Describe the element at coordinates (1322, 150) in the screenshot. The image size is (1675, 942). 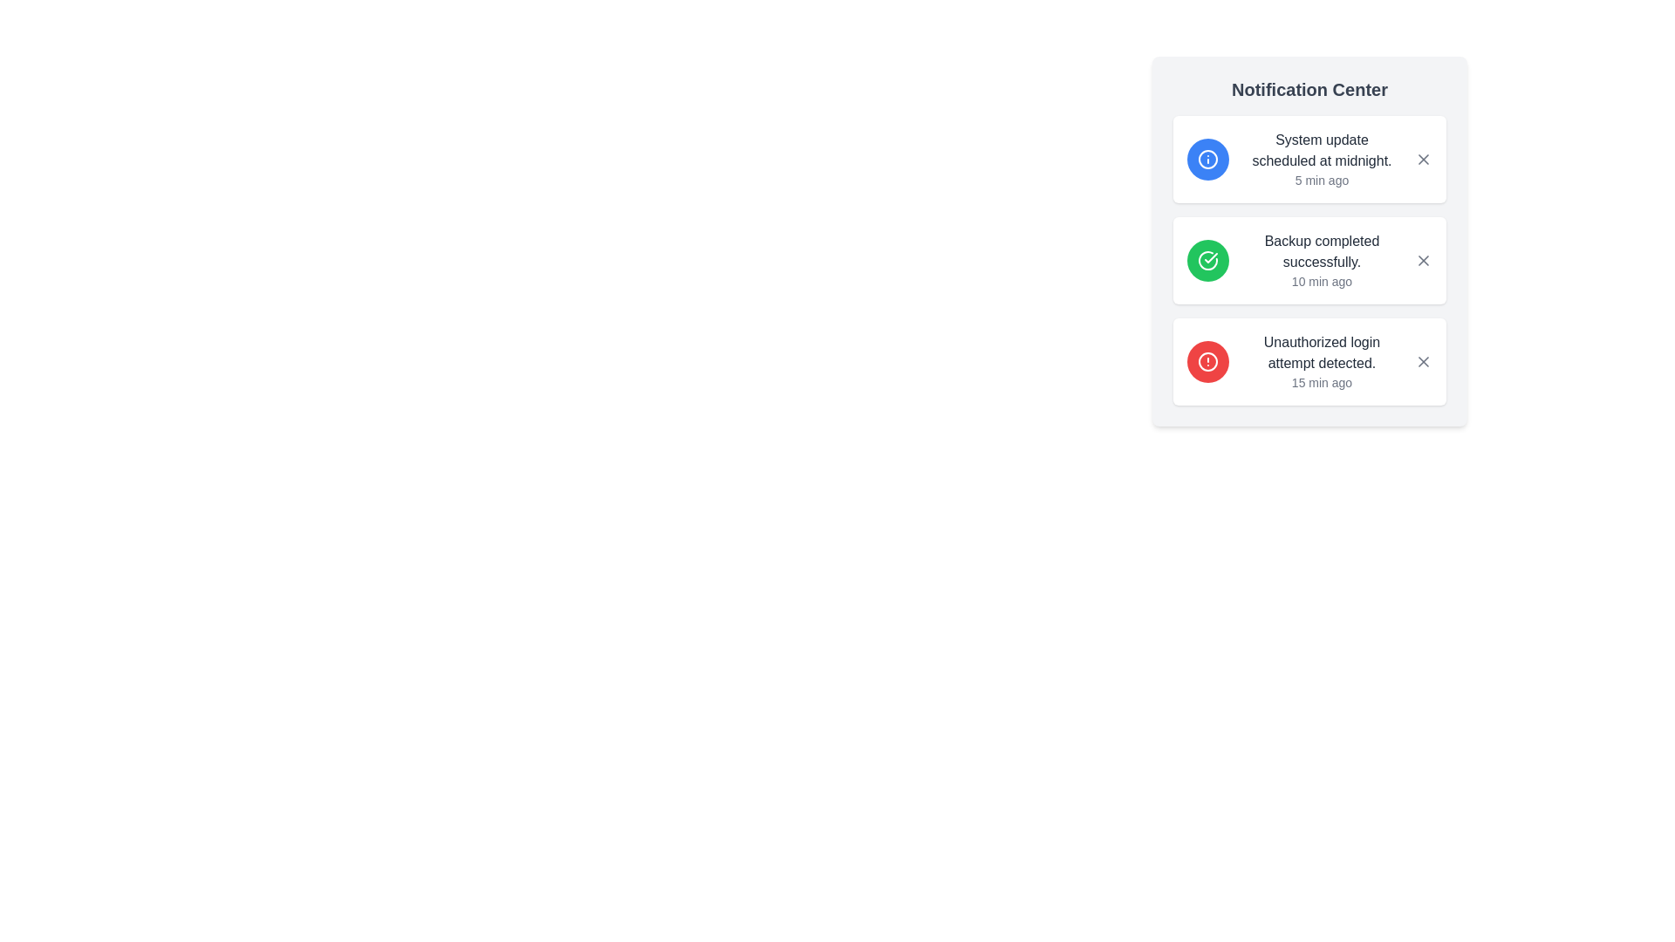
I see `the static text element displaying 'System update scheduled at midnight.' located in the Notification Center` at that location.